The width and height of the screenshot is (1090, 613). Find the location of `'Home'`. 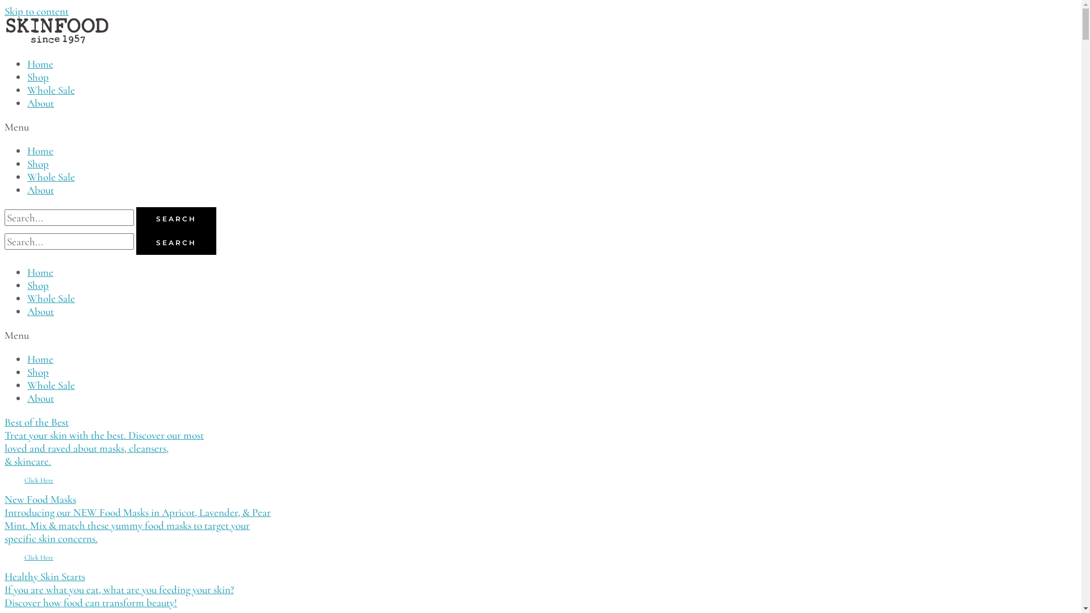

'Home' is located at coordinates (40, 64).